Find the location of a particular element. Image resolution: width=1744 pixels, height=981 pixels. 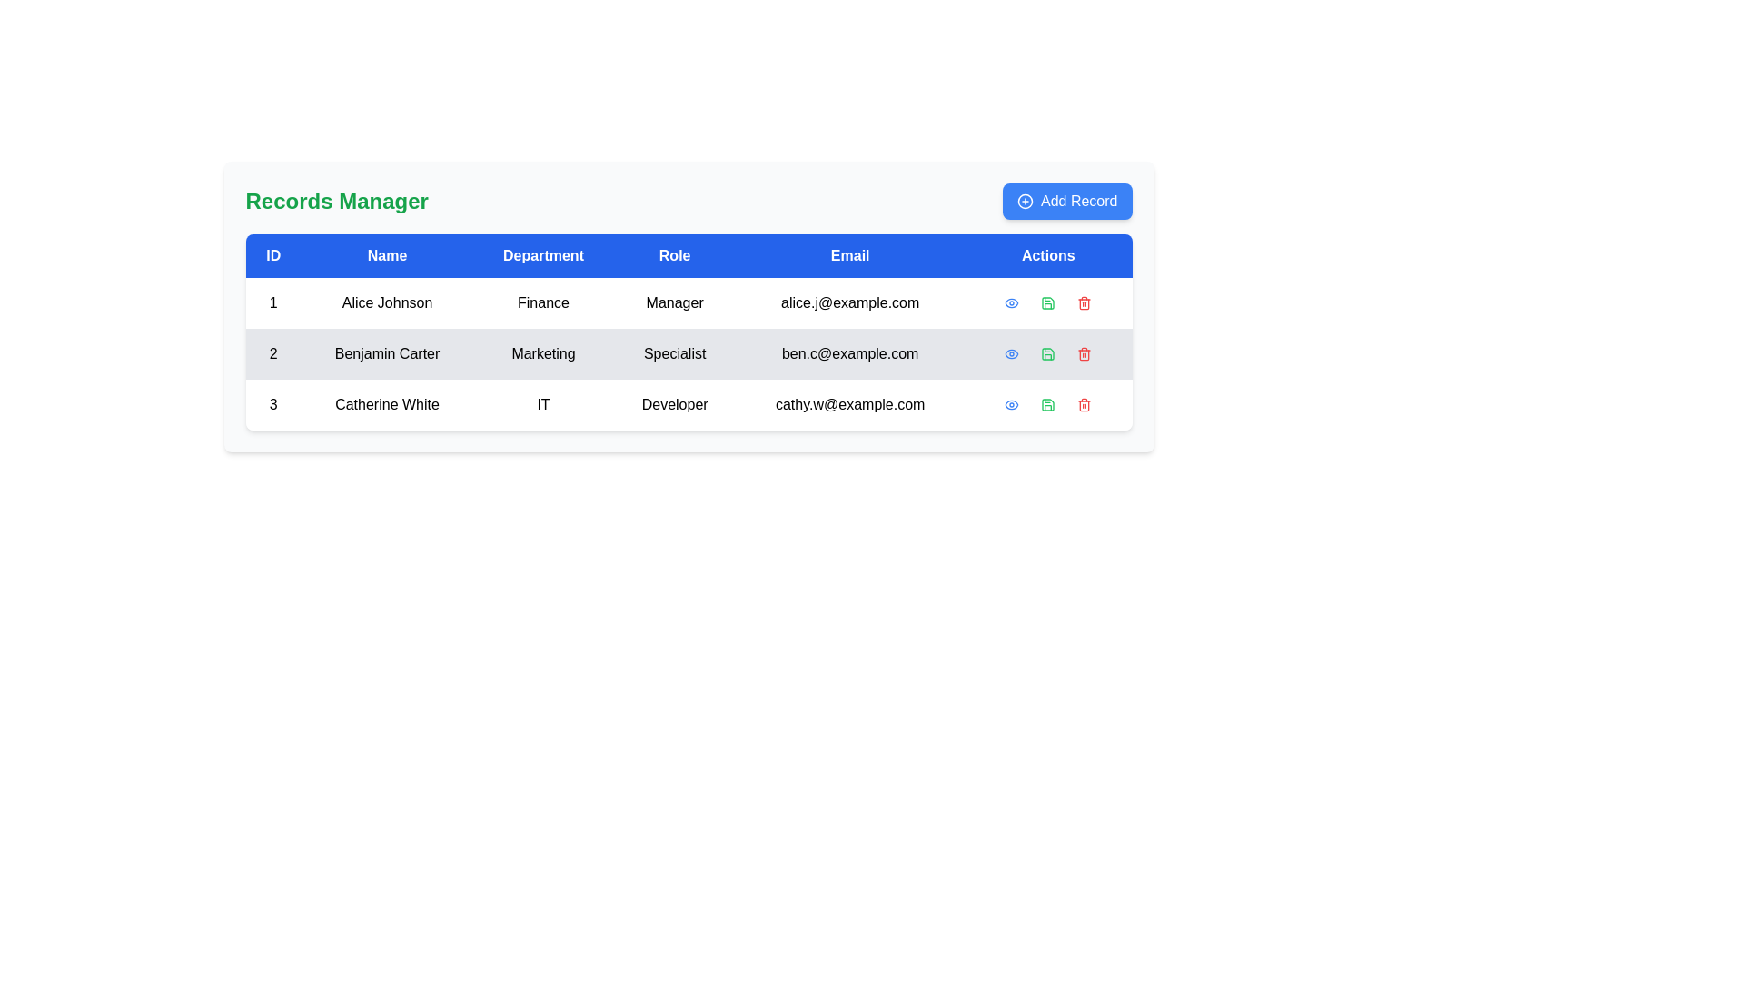

the eye icon in the 'Actions' column of the third row associated with the user 'Catherine White' is located at coordinates (1011, 353).